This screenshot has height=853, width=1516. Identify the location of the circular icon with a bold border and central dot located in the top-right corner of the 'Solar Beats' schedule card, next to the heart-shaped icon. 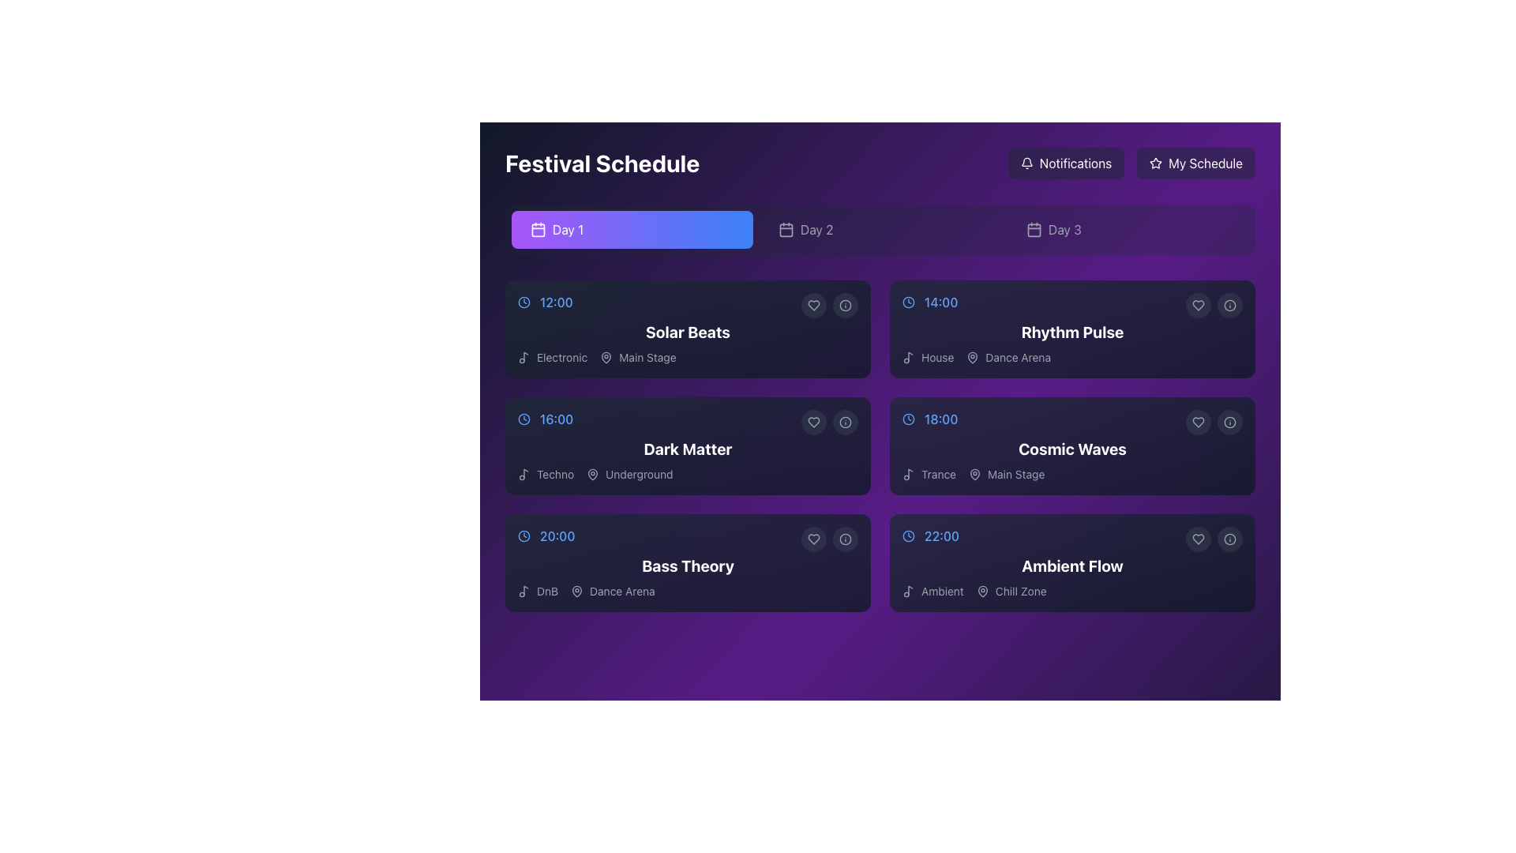
(844, 305).